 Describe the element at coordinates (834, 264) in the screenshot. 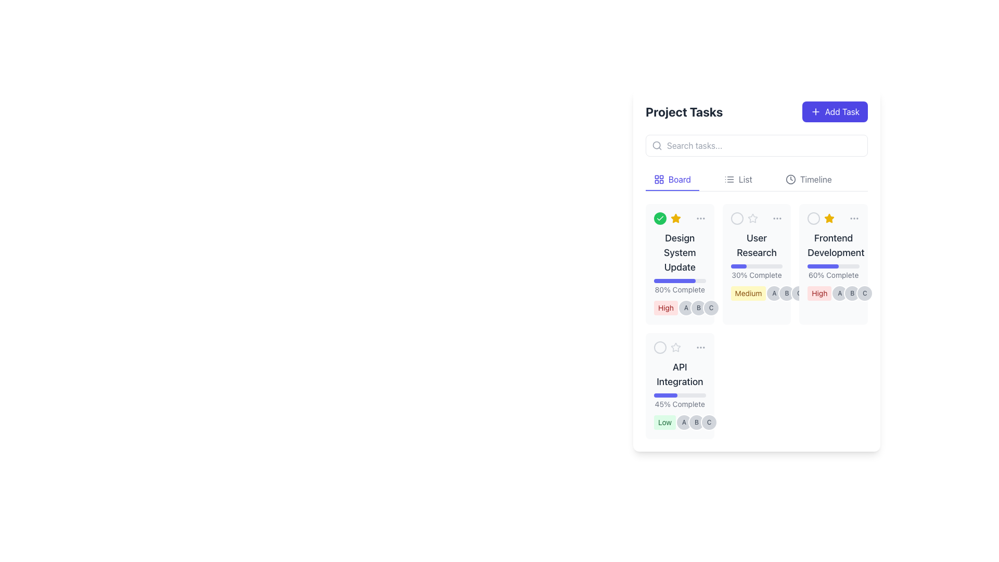

I see `the Task summary card titled 'Frontend Development', which is the third card` at that location.